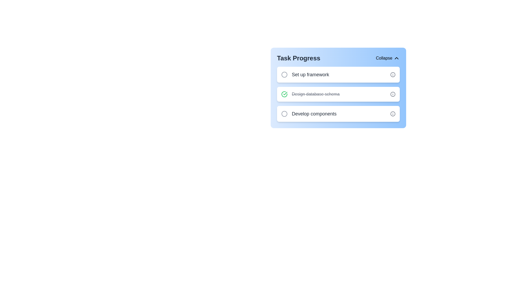 Image resolution: width=508 pixels, height=286 pixels. Describe the element at coordinates (388, 58) in the screenshot. I see `the 'Collapse' button to toggle the task list state` at that location.